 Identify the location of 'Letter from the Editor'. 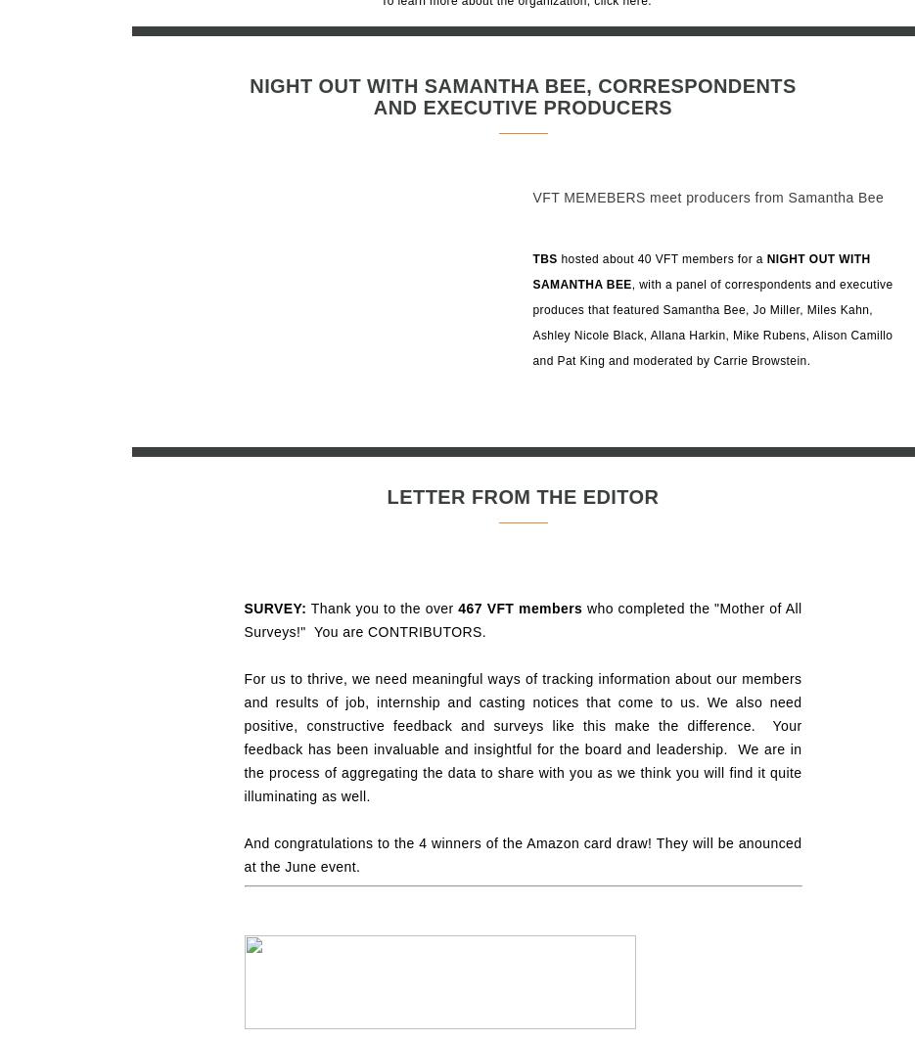
(521, 496).